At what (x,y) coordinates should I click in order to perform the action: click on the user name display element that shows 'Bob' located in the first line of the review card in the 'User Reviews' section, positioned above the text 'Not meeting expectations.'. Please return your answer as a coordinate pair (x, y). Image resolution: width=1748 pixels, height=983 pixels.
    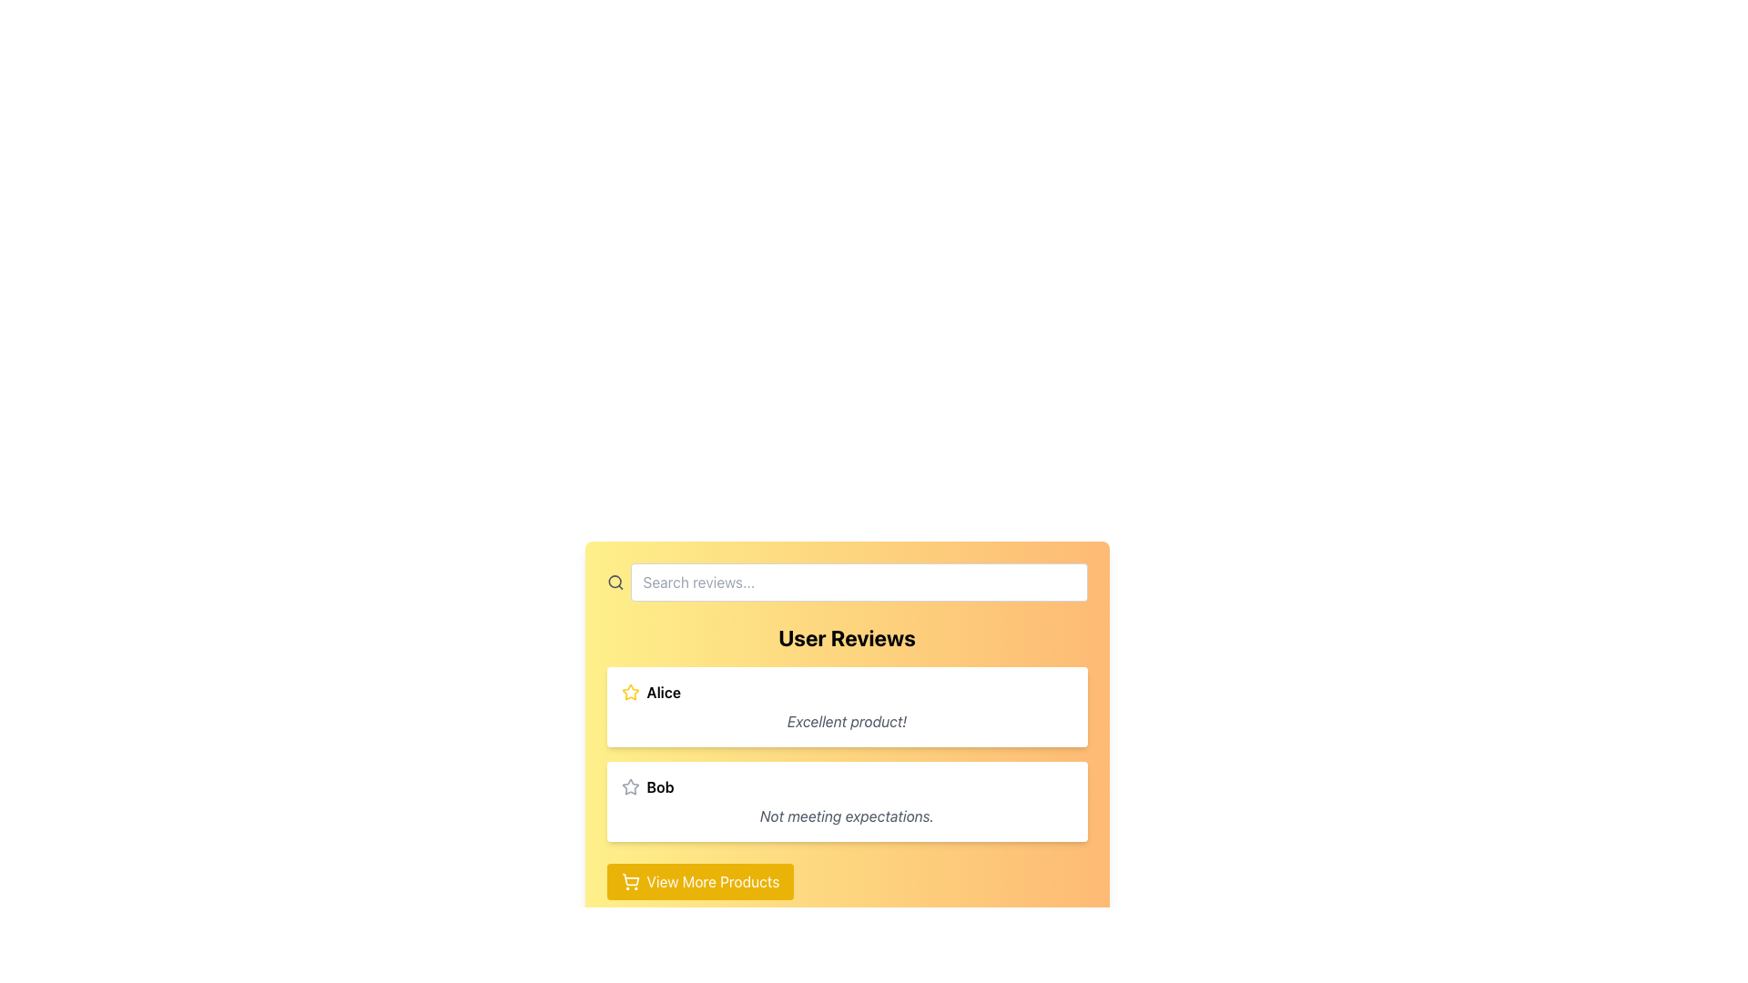
    Looking at the image, I should click on (846, 785).